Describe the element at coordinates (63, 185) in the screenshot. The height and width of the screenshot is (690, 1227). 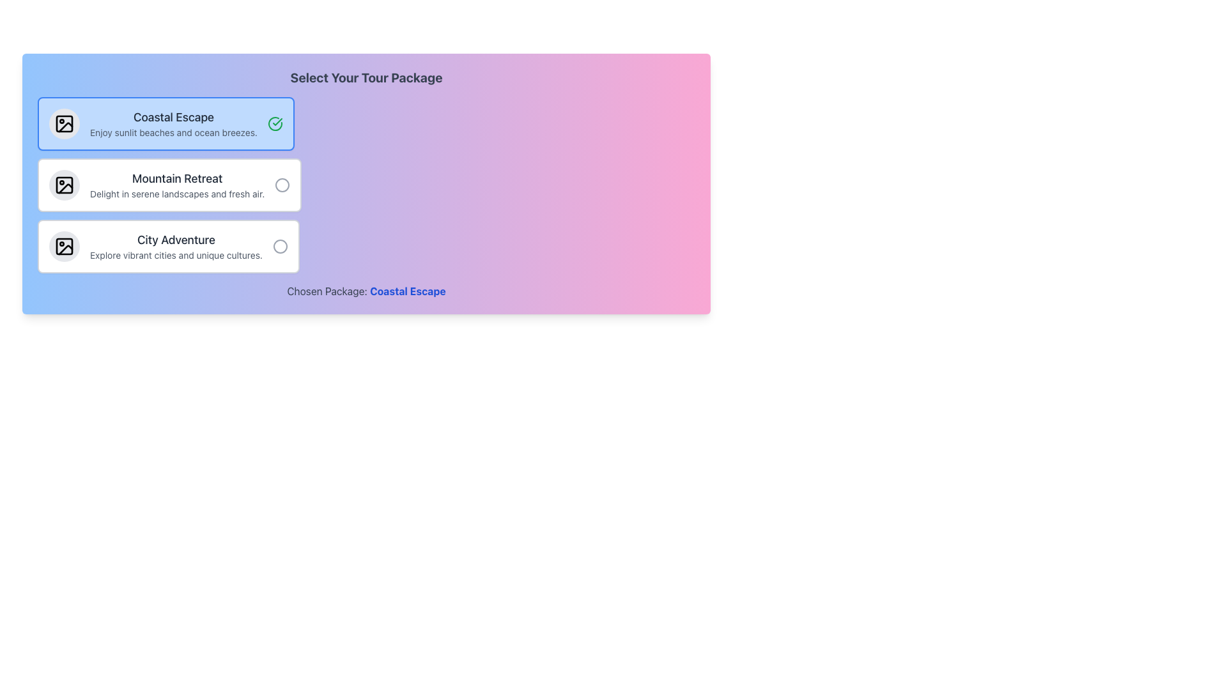
I see `the 'Mountain Retreat' icon located at the far left of the option in the list` at that location.